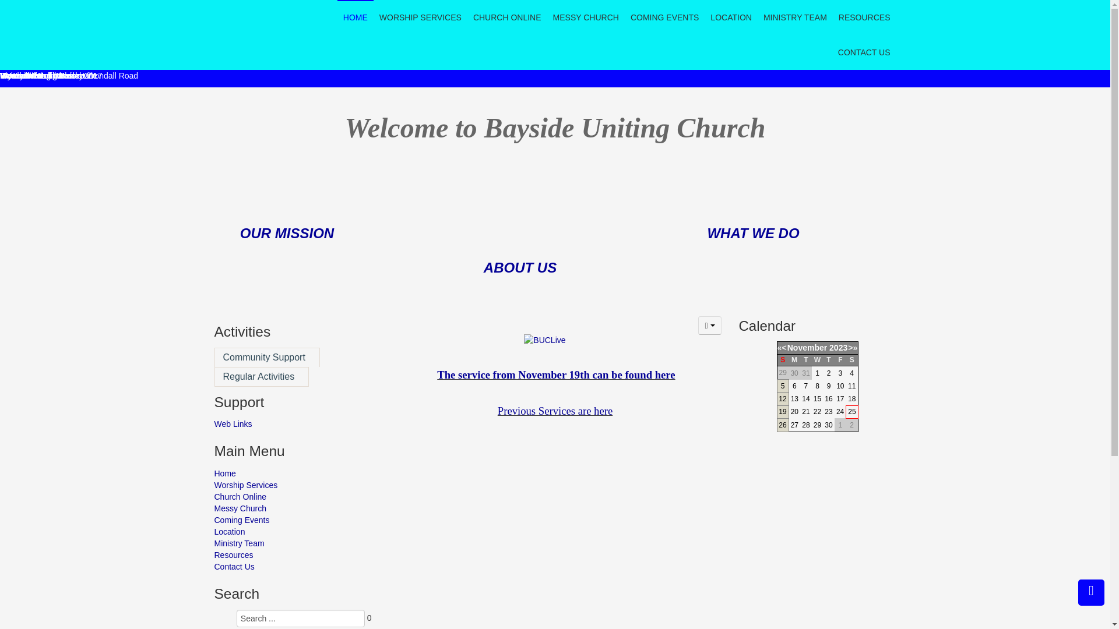 This screenshot has height=629, width=1119. I want to click on '4', so click(851, 373).